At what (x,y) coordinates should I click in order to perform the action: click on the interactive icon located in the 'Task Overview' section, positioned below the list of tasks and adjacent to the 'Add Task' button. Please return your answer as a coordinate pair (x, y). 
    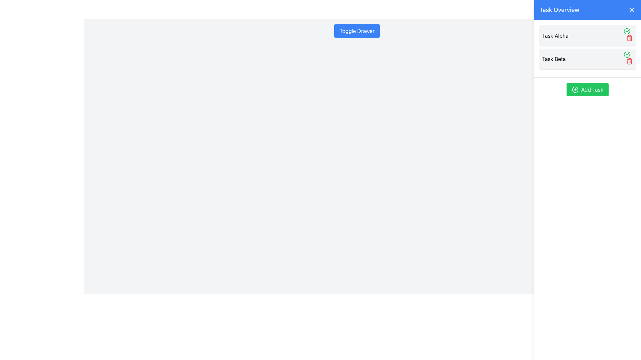
    Looking at the image, I should click on (575, 89).